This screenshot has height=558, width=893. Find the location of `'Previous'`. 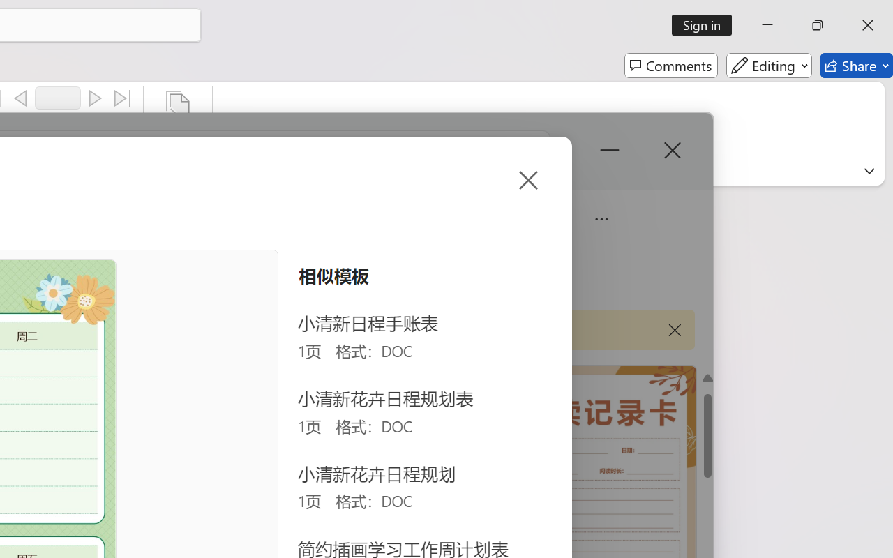

'Previous' is located at coordinates (20, 98).